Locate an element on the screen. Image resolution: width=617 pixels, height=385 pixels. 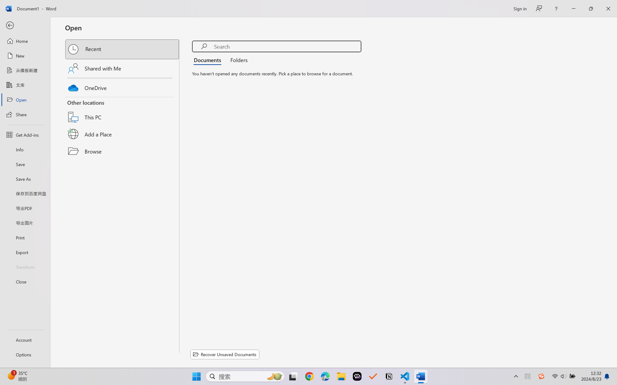
'Account' is located at coordinates (25, 340).